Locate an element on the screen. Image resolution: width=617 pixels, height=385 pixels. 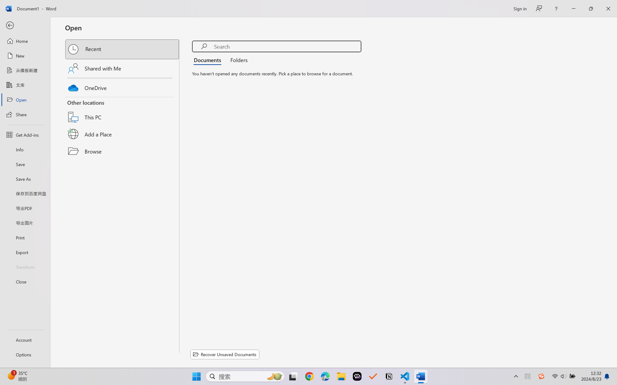
'Account' is located at coordinates (25, 340).